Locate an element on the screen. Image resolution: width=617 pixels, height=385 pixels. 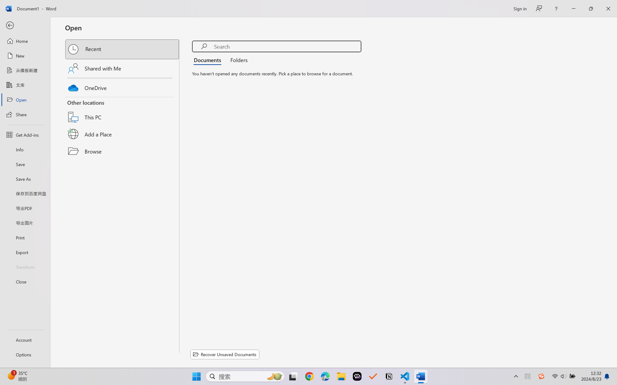
'Account' is located at coordinates (25, 340).